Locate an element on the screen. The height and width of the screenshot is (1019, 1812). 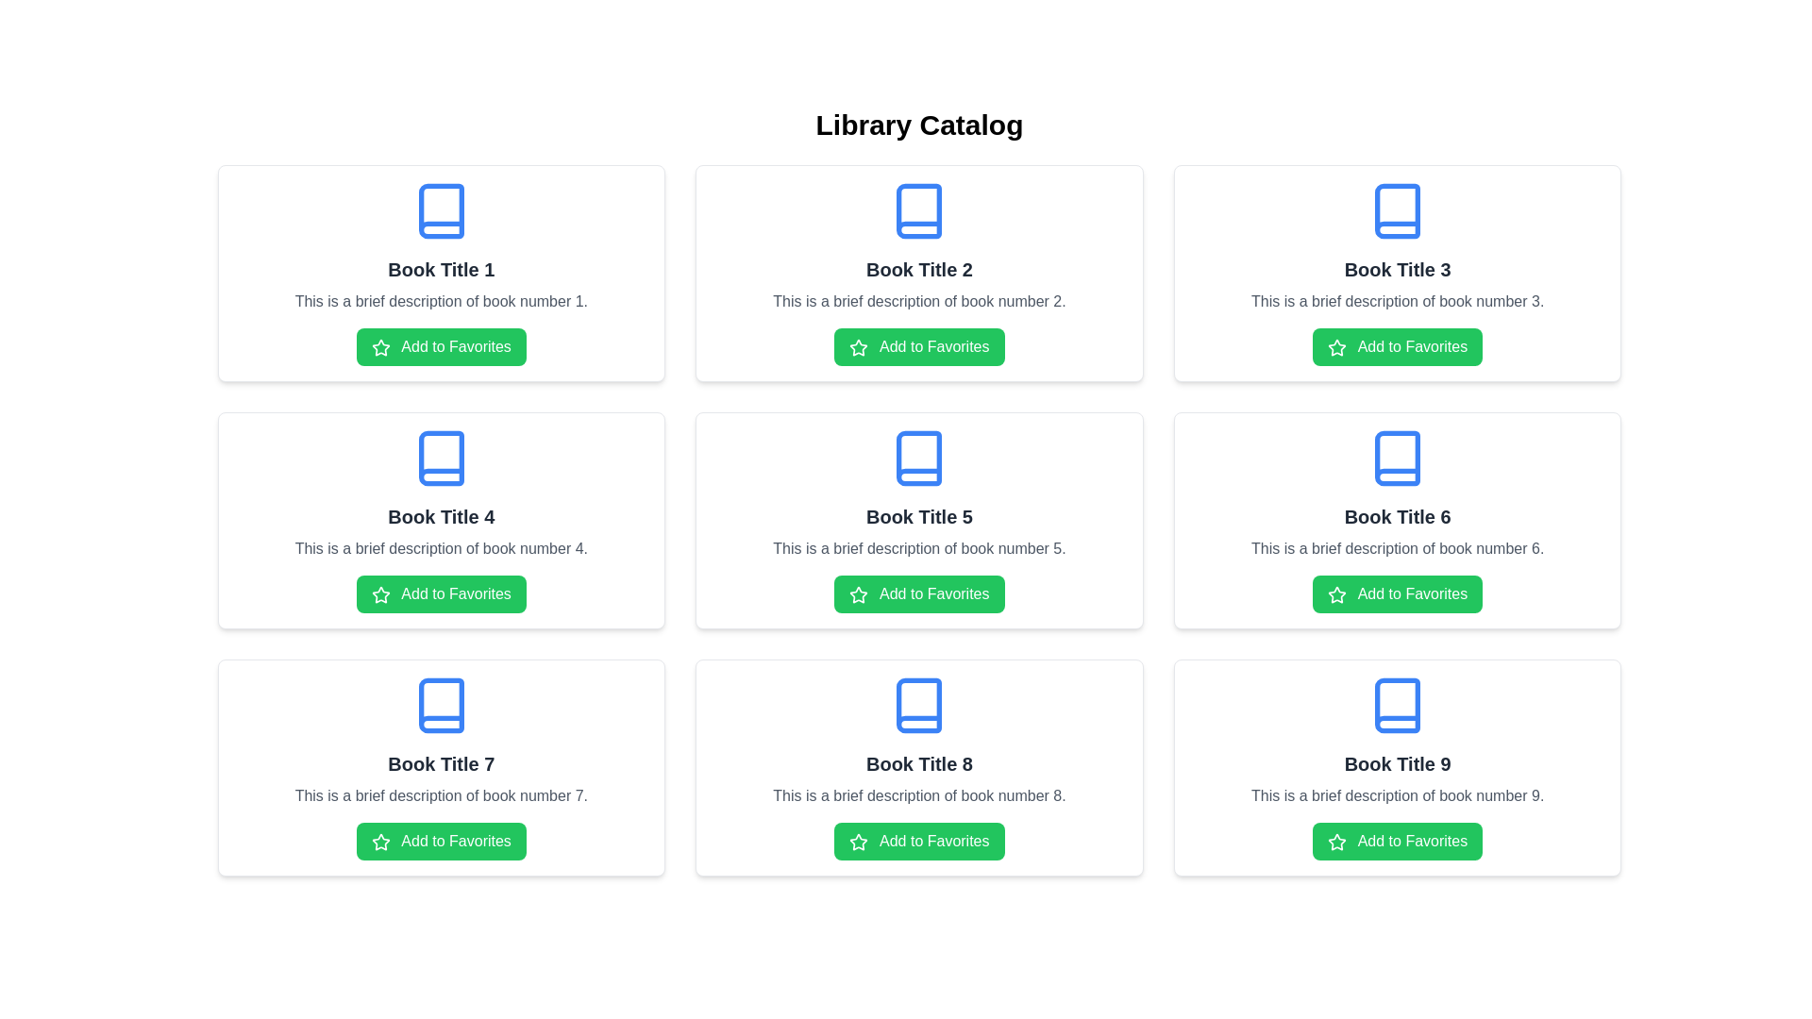
the button to add 'Book Title 2' to favorites, which is located below the book's description and centered within its card is located at coordinates (919, 346).